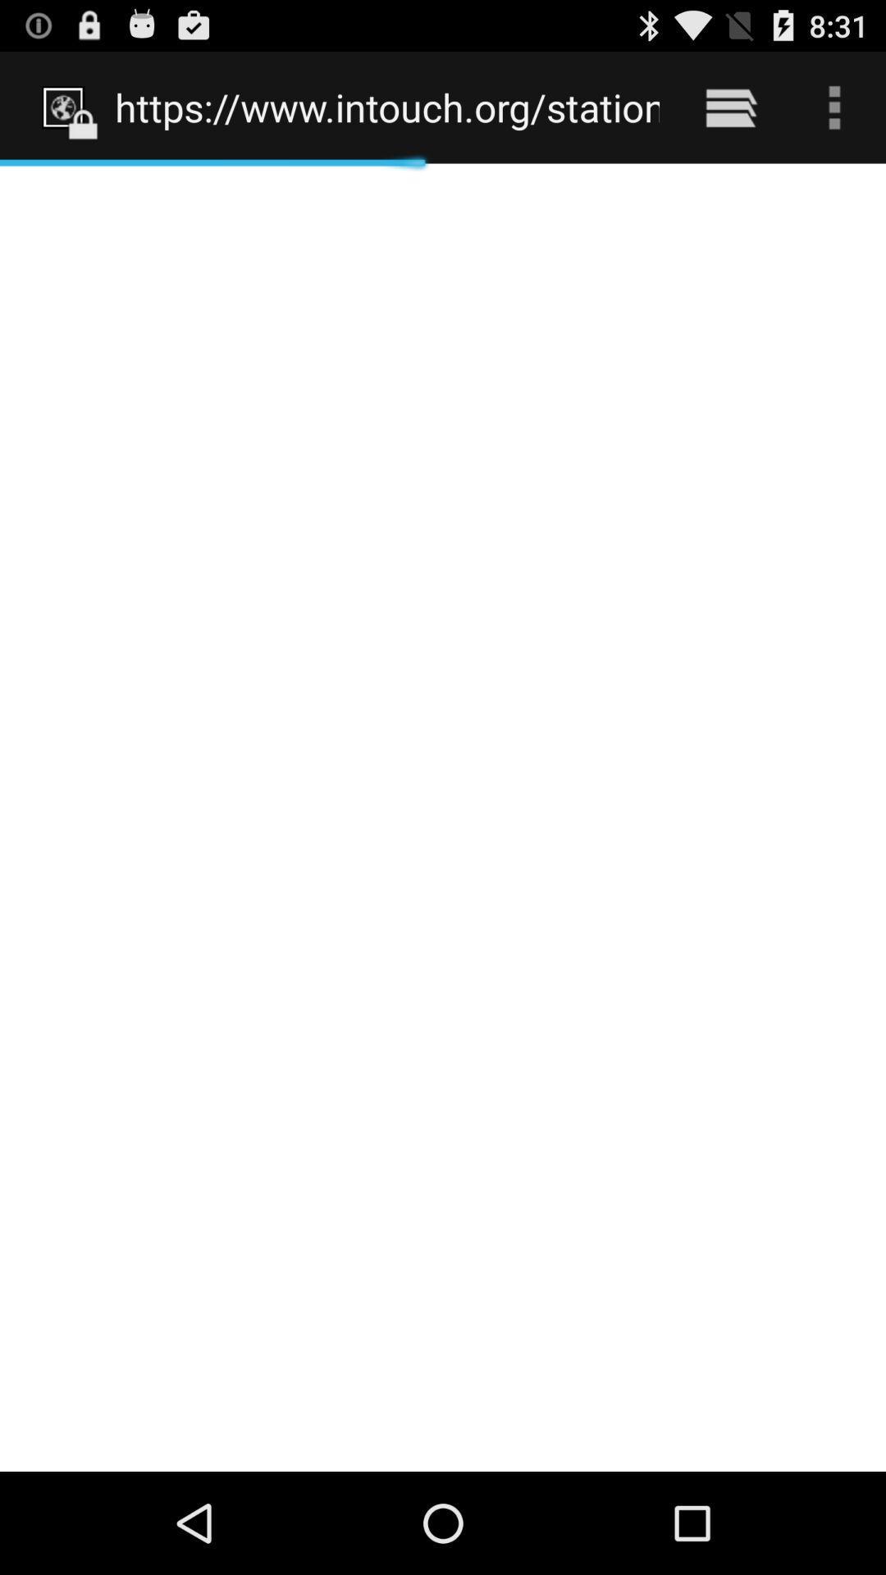  What do you see at coordinates (730, 107) in the screenshot?
I see `the icon next to https www intouch item` at bounding box center [730, 107].